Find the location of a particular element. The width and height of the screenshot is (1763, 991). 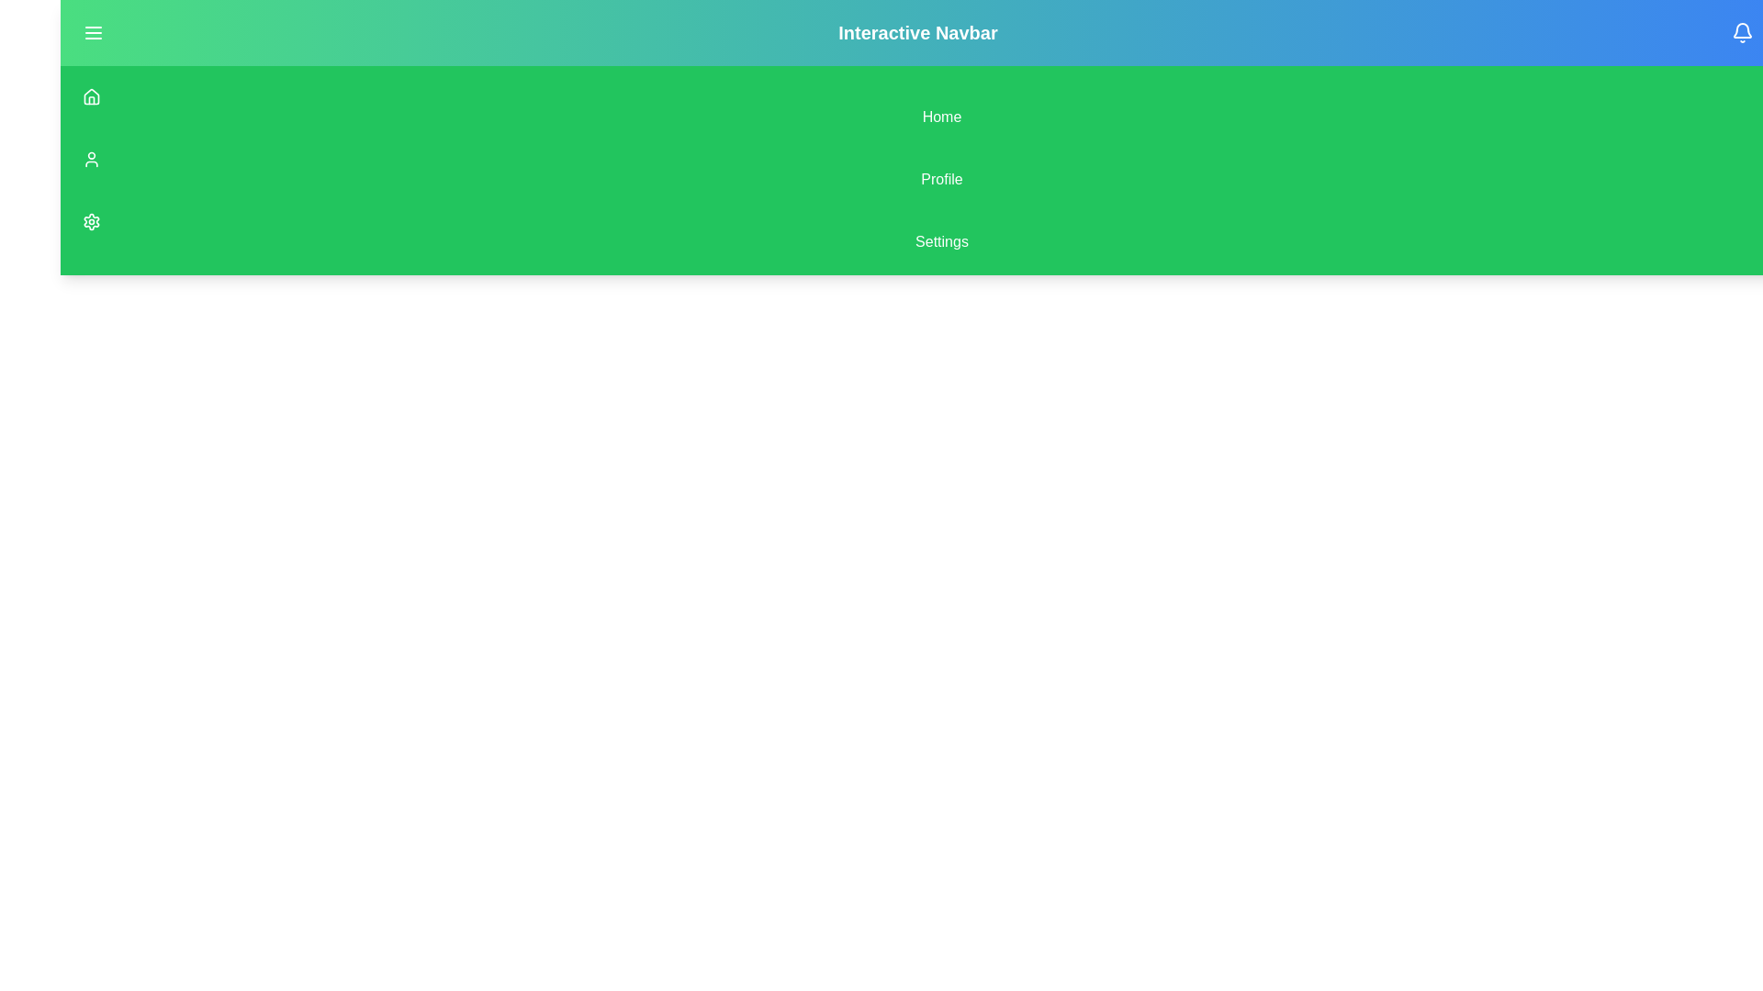

the bell-shaped icon button located at the top right corner of the interface is located at coordinates (1741, 32).